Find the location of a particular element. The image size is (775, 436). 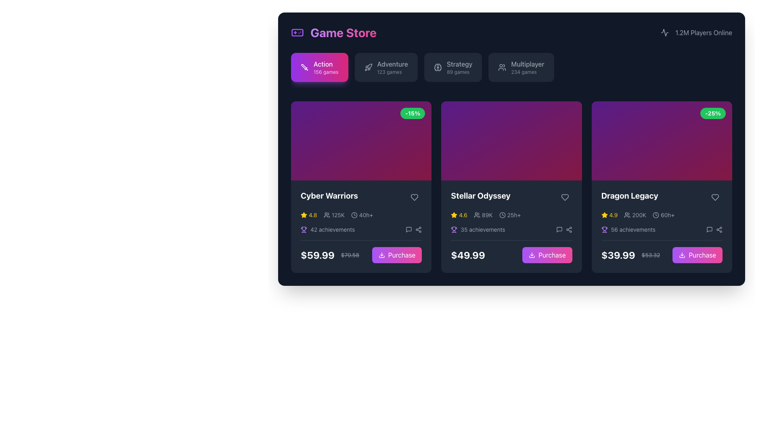

text label displaying '42 achievements' located next to the trophy icon in the Cyber Warriors game card is located at coordinates (333, 229).